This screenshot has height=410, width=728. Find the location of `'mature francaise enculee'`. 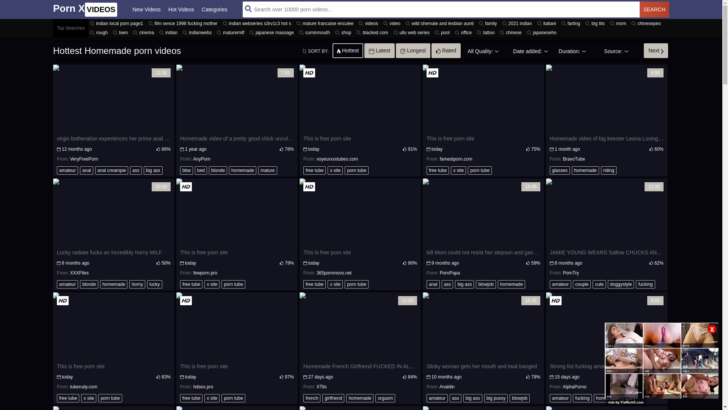

'mature francaise enculee' is located at coordinates (294, 23).